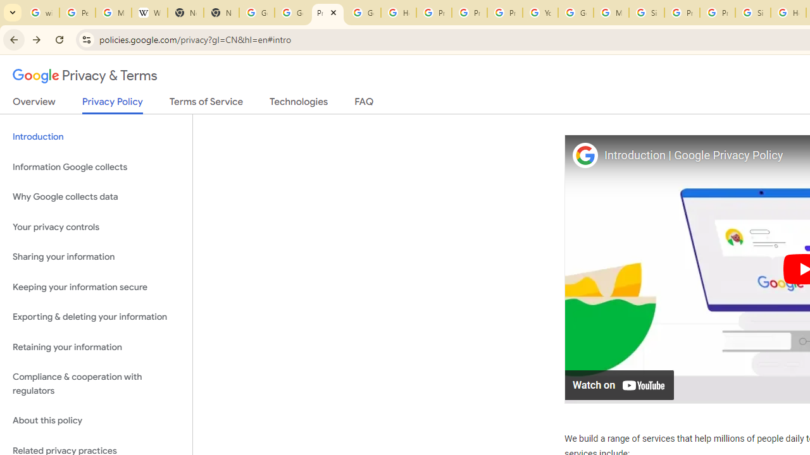 This screenshot has height=455, width=810. What do you see at coordinates (647, 13) in the screenshot?
I see `'Sign in - Google Accounts'` at bounding box center [647, 13].